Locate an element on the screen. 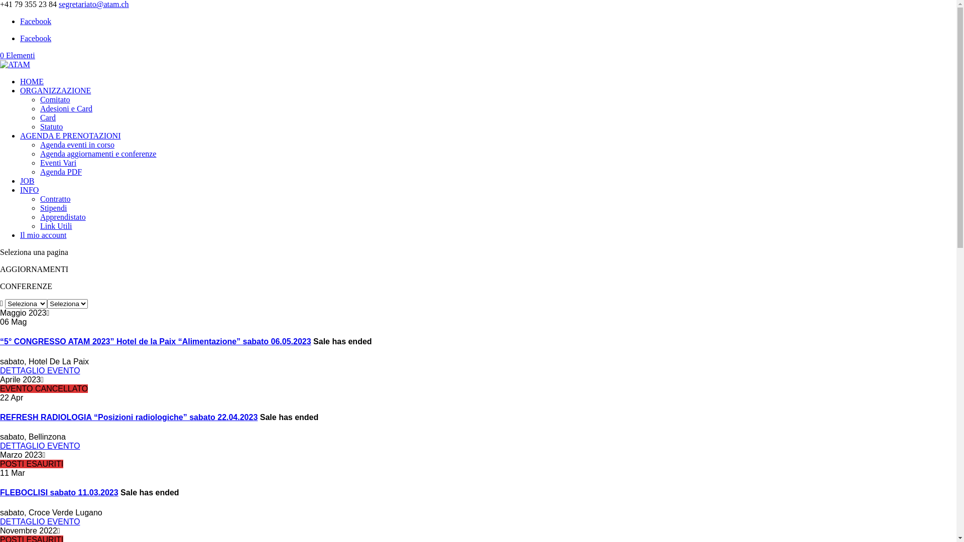 This screenshot has width=964, height=542. 'segretariato@atam.ch' is located at coordinates (94, 4).